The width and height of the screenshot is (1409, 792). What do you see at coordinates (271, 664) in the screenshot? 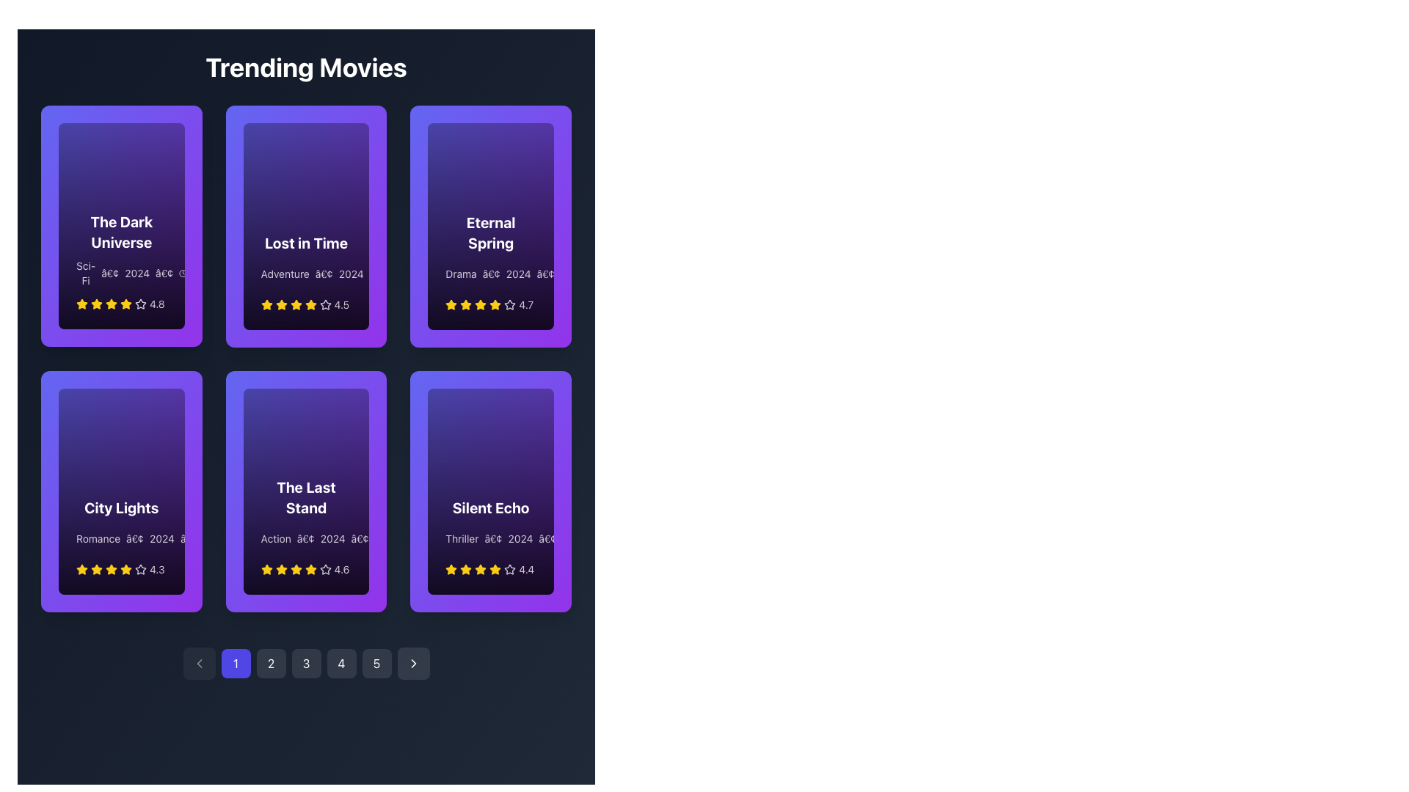
I see `the rounded rectangular button labeled '2' with a dark background` at bounding box center [271, 664].